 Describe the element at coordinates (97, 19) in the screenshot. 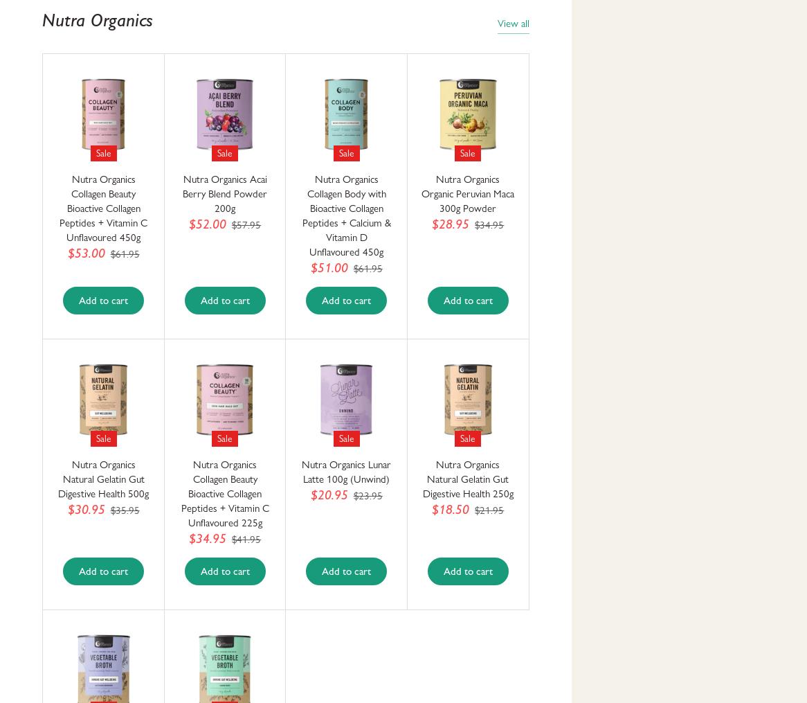

I see `'Nutra Organics'` at that location.